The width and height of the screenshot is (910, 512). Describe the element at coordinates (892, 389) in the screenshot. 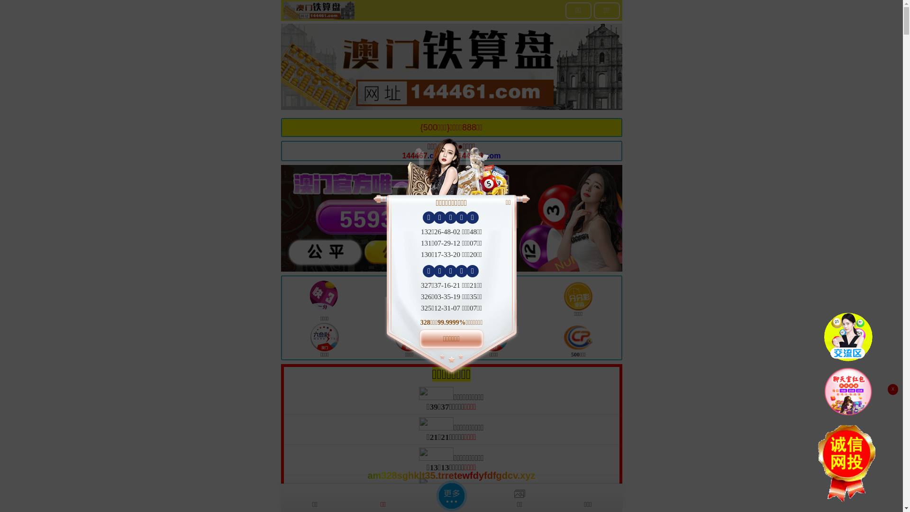

I see `'x'` at that location.